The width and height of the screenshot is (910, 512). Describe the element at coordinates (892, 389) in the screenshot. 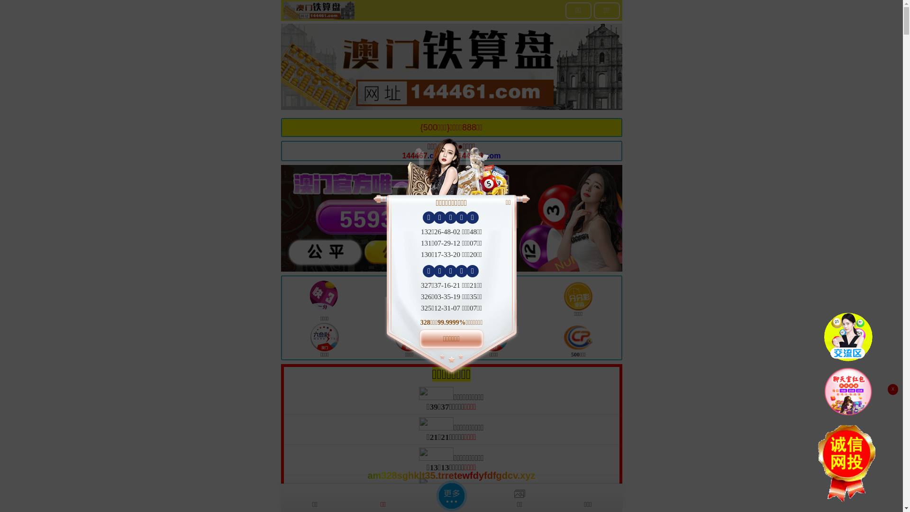

I see `'x'` at that location.